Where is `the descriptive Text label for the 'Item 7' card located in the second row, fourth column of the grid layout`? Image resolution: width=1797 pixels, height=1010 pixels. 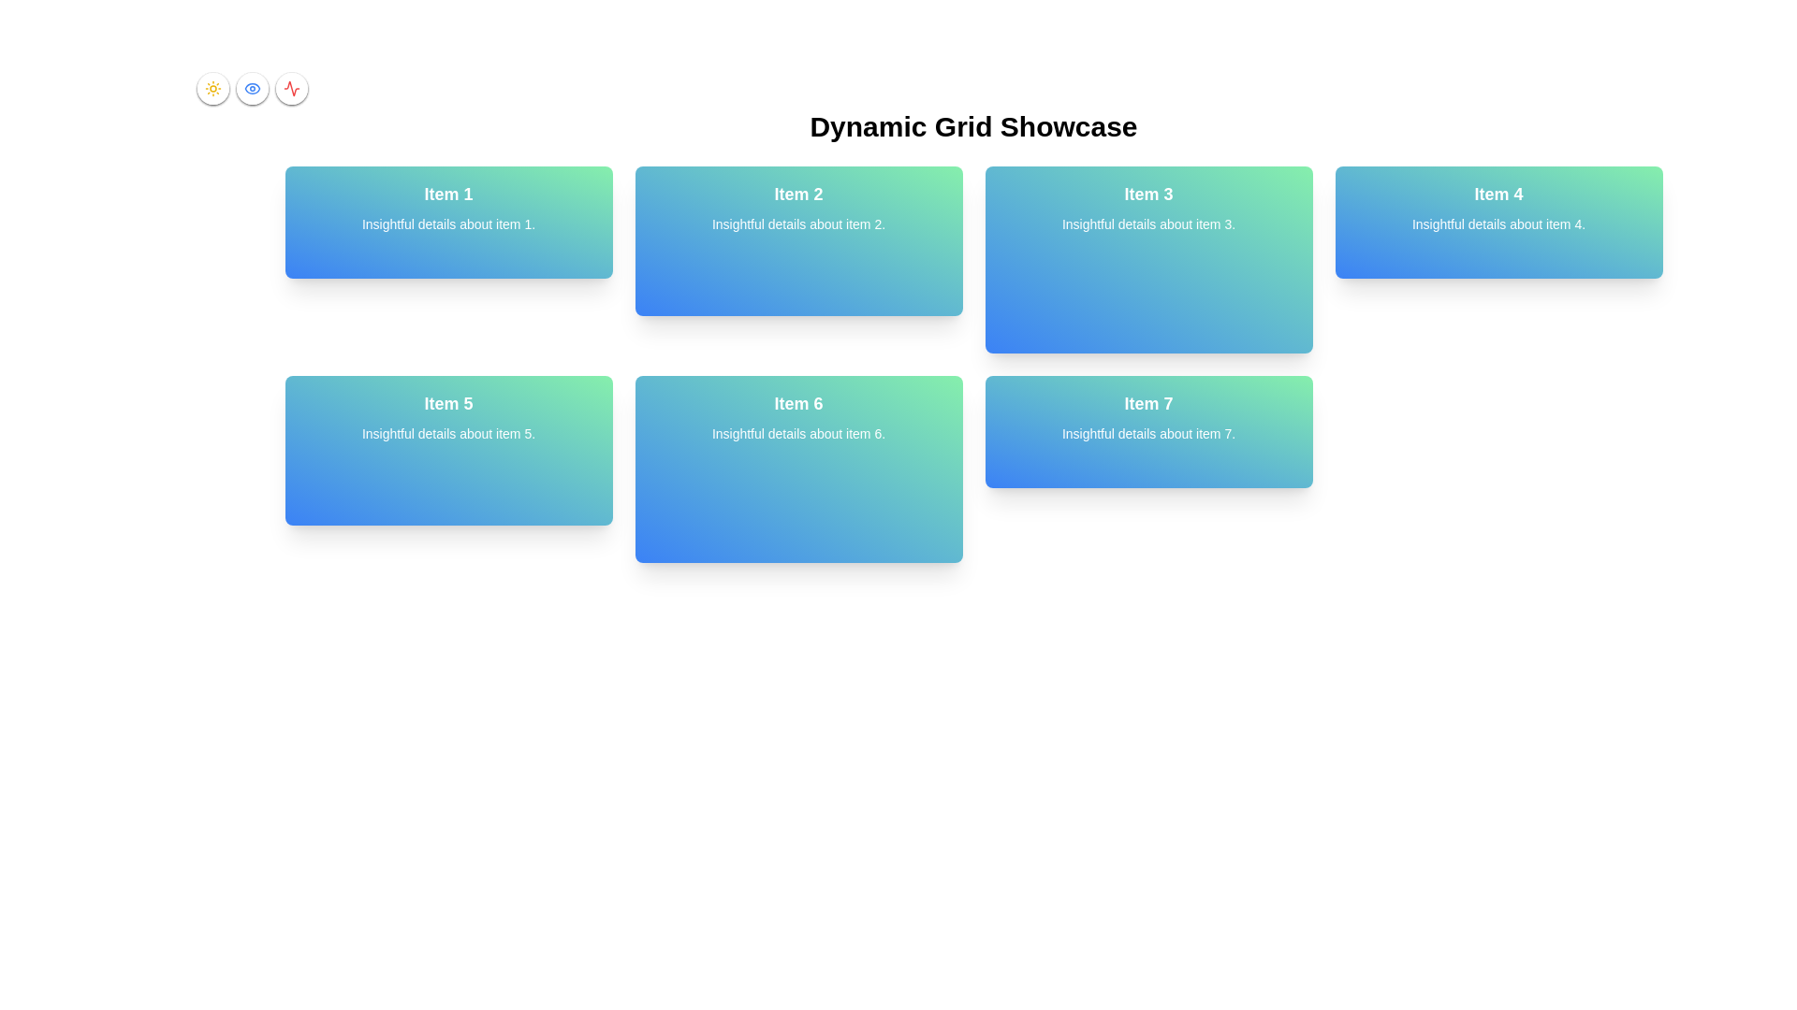 the descriptive Text label for the 'Item 7' card located in the second row, fourth column of the grid layout is located at coordinates (1147, 433).